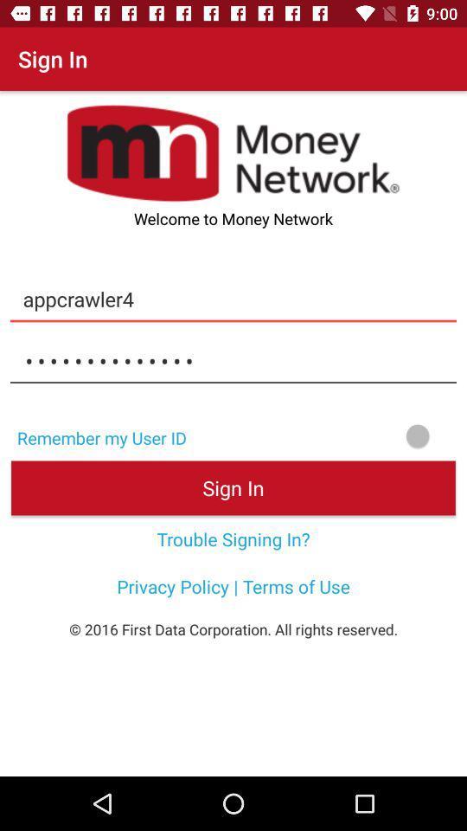 Image resolution: width=467 pixels, height=831 pixels. I want to click on trouble signing in? item, so click(233, 538).